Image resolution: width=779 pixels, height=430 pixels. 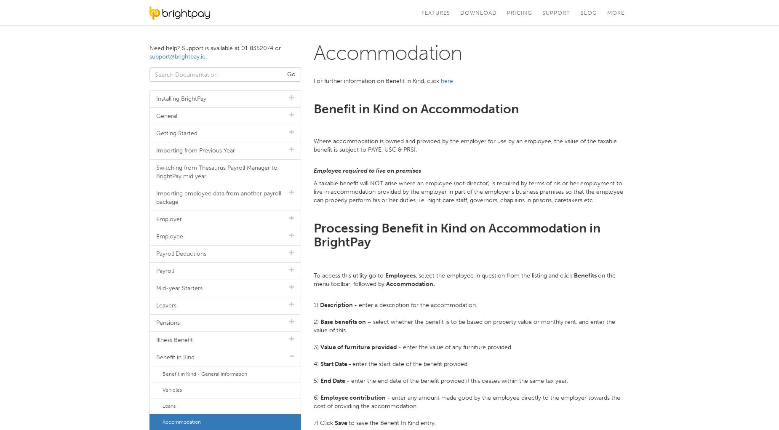 I want to click on 'General', so click(x=166, y=115).